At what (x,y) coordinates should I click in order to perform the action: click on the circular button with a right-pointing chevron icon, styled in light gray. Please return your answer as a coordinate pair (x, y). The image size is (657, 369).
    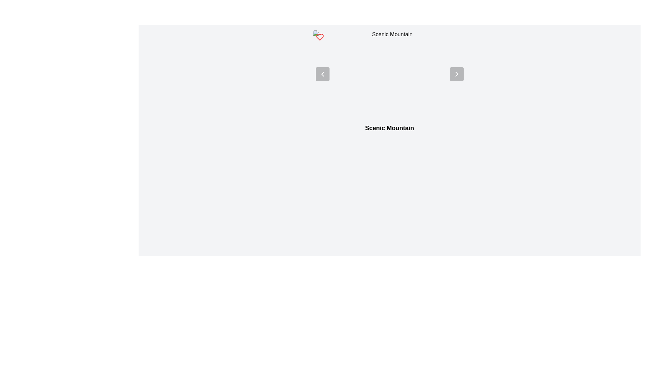
    Looking at the image, I should click on (456, 74).